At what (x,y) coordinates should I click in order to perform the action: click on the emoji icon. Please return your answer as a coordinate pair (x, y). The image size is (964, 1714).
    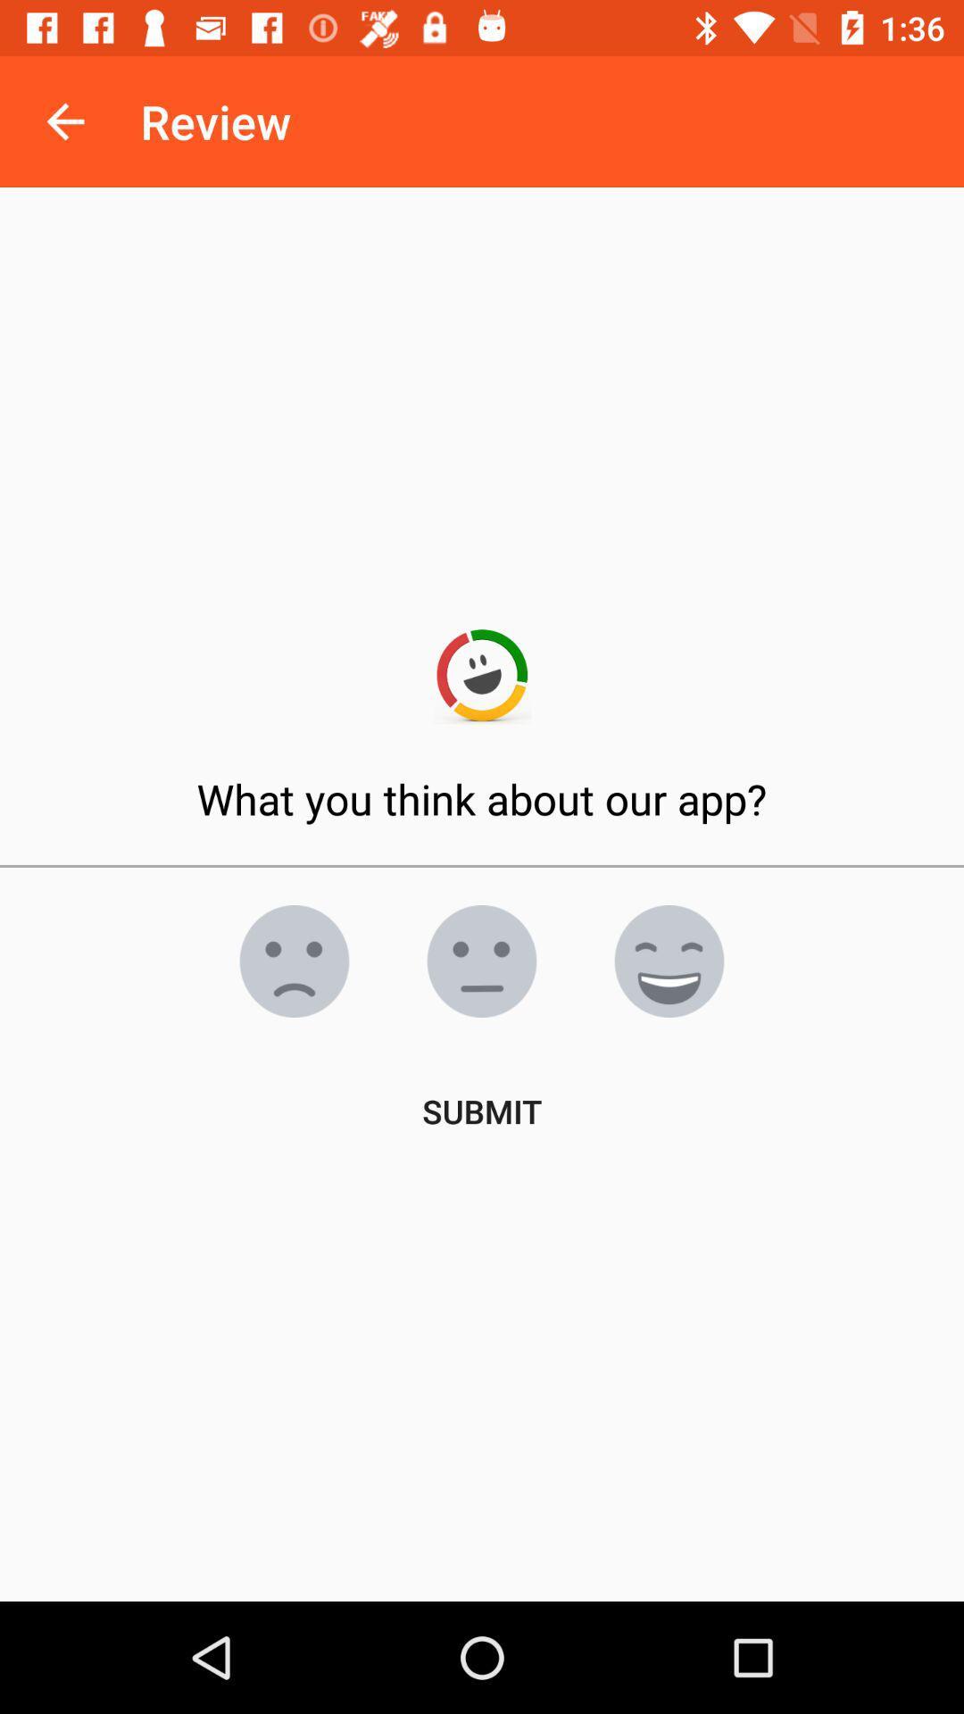
    Looking at the image, I should click on (294, 960).